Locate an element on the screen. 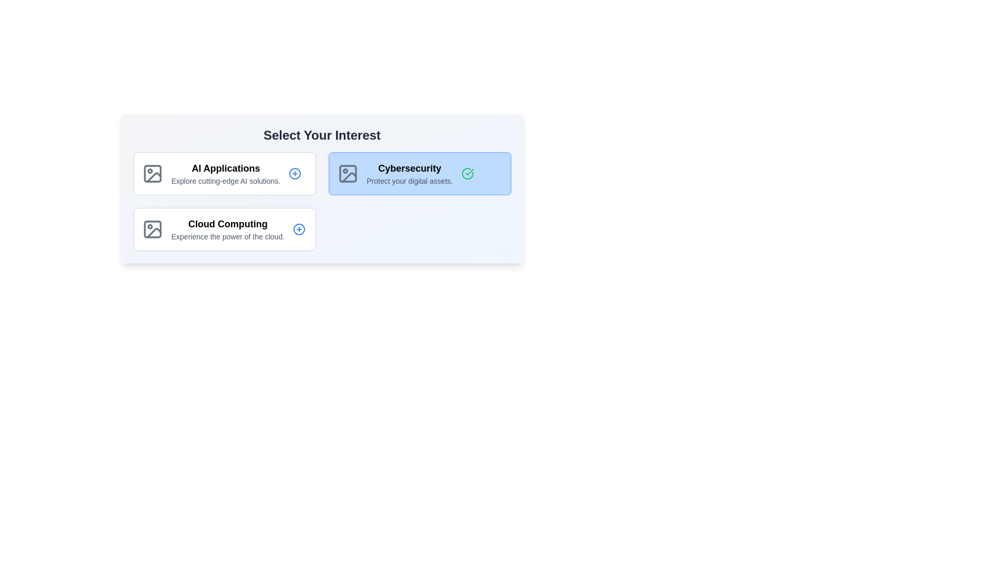 The image size is (1008, 567). the icon of the card labeled 'Cloud Computing' to interact with it is located at coordinates (152, 228).